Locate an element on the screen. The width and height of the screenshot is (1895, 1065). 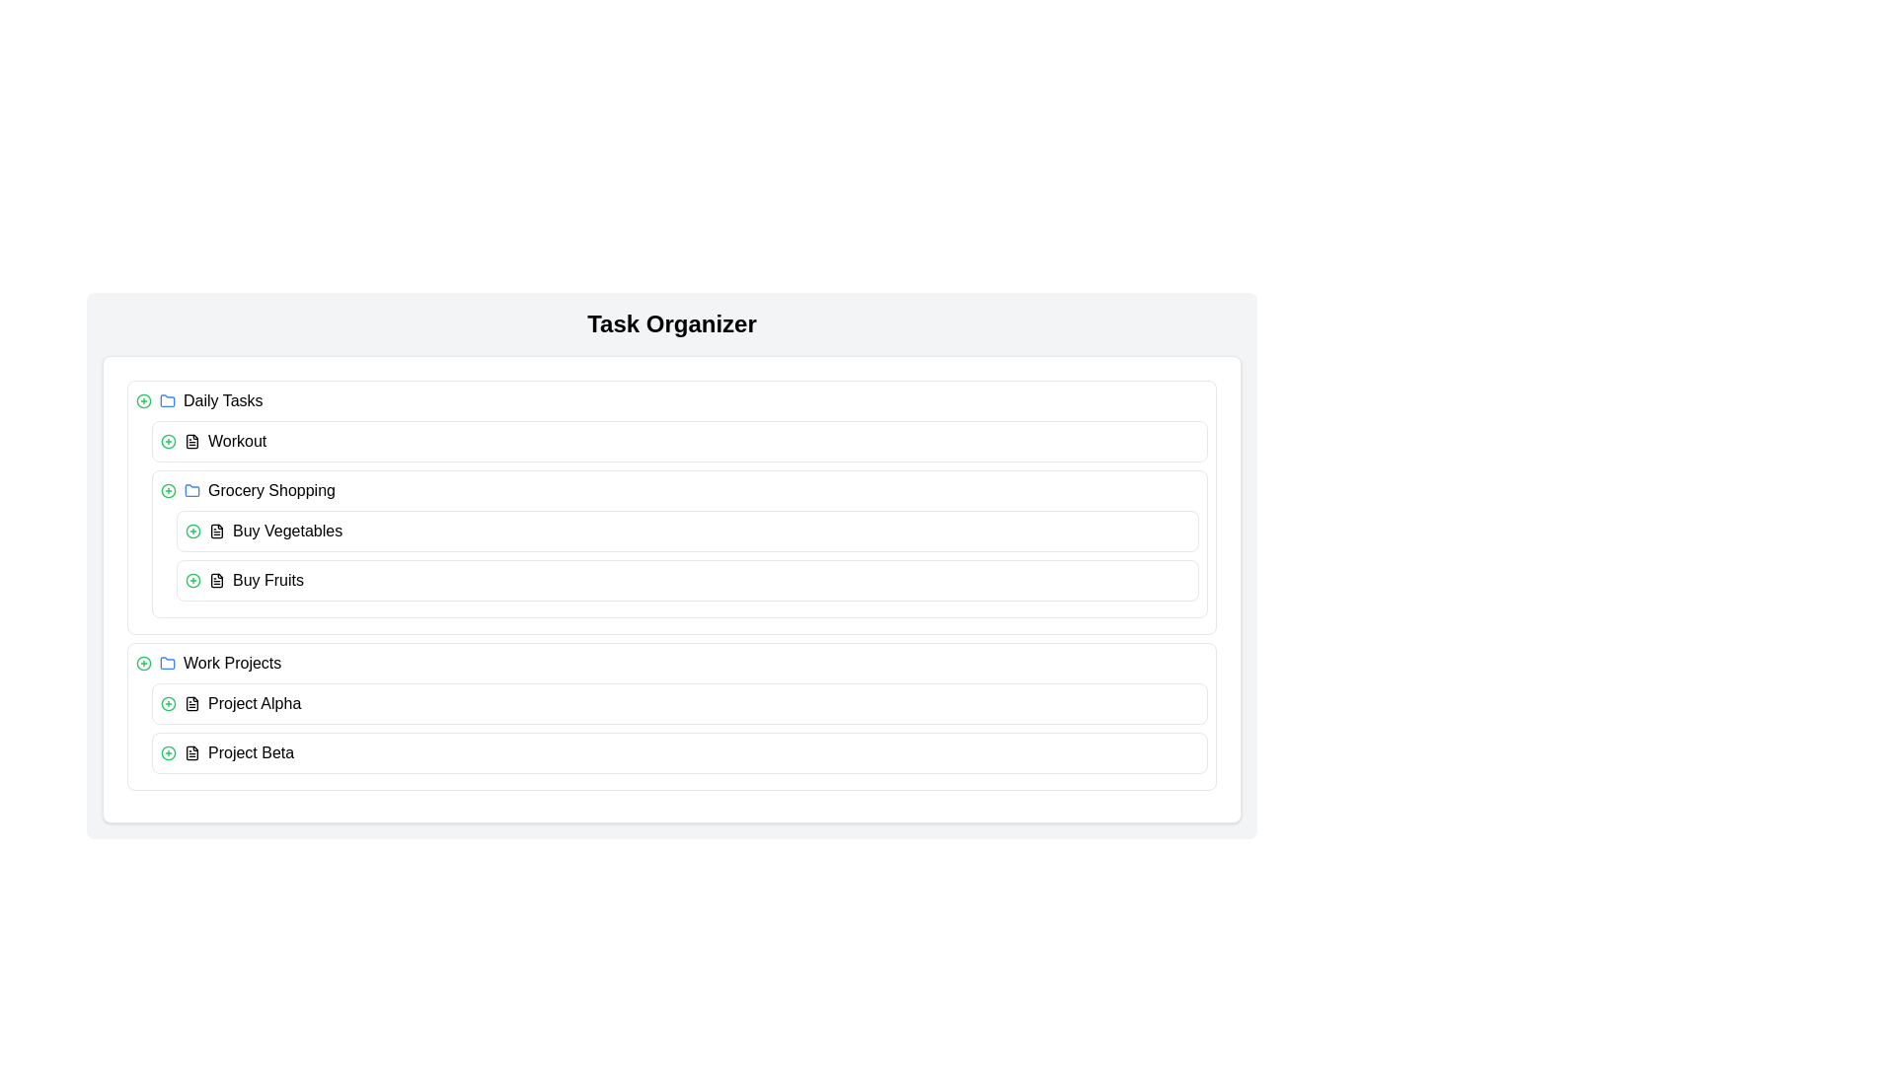
the circular green outlined button with a plus sign, which is the first icon in the row associated with the 'Buy Fruits' label is located at coordinates (193, 580).